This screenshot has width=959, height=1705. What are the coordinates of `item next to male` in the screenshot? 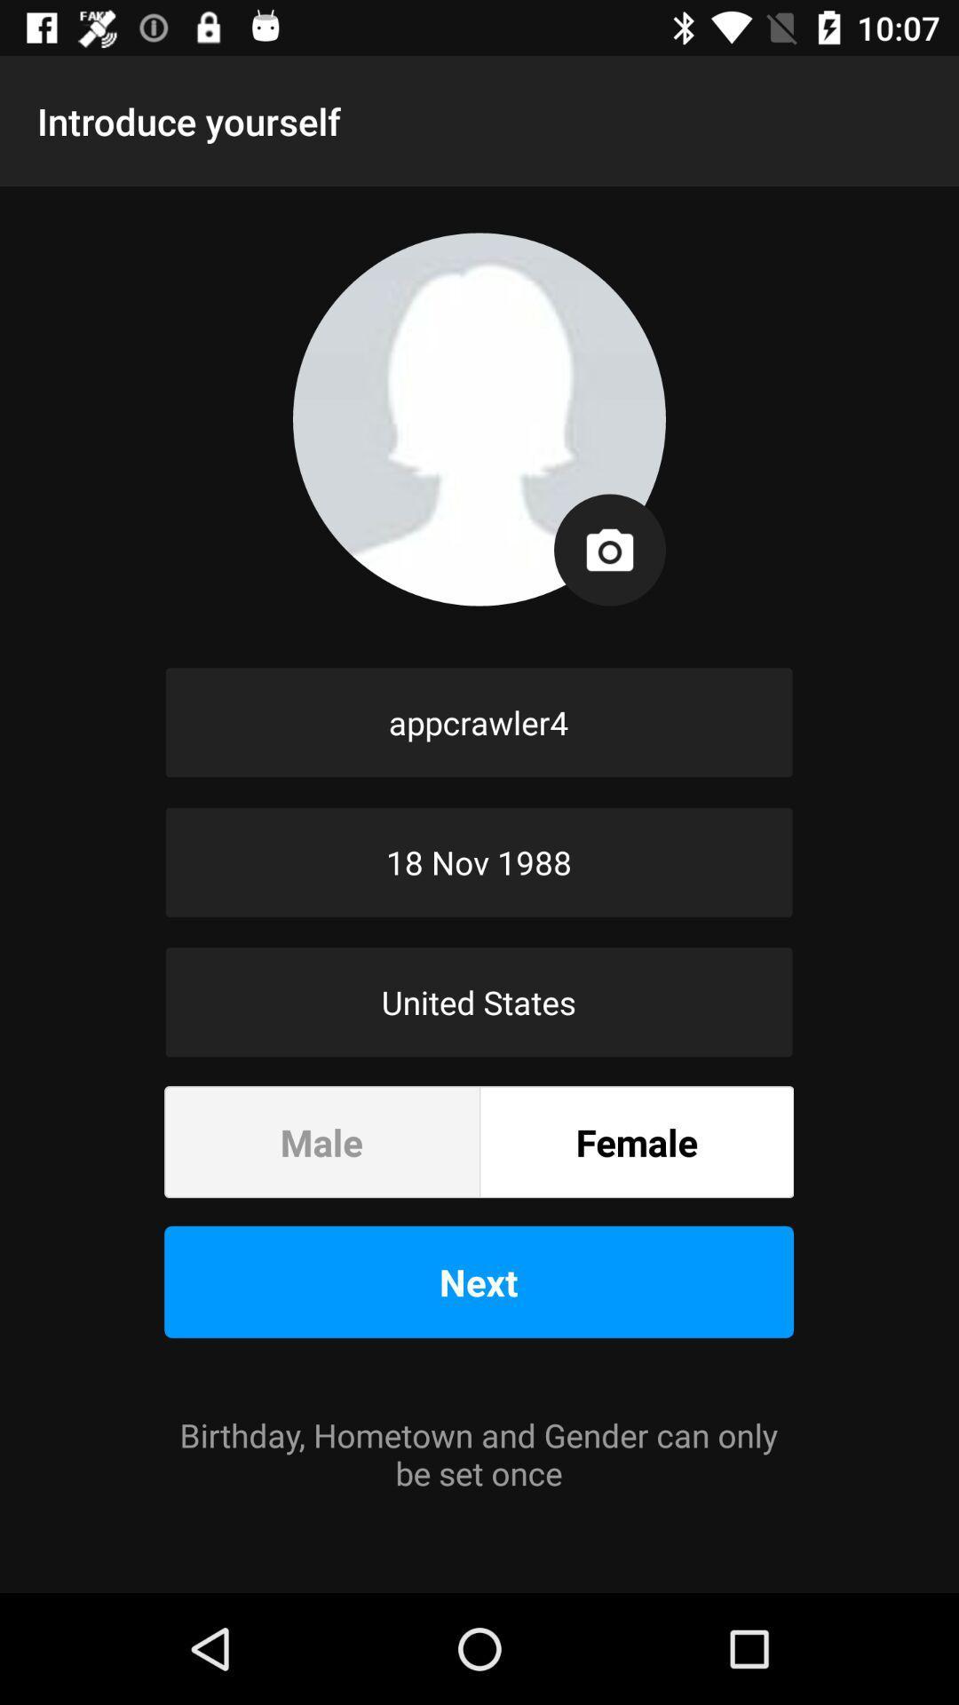 It's located at (636, 1142).